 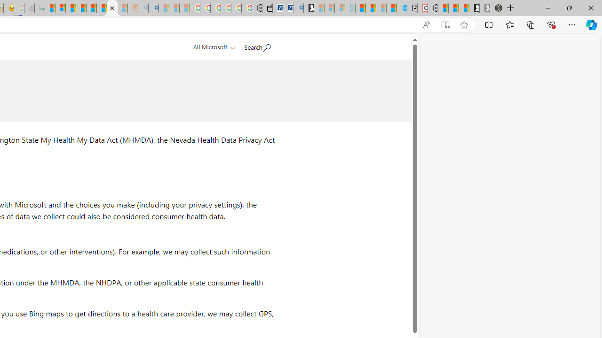 I want to click on 'Cheap Car Rentals - Save70.com', so click(x=287, y=8).